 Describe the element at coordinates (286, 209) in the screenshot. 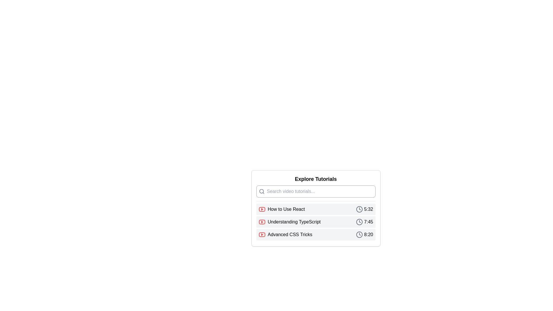

I see `the text displaying 'How to Use React'` at that location.